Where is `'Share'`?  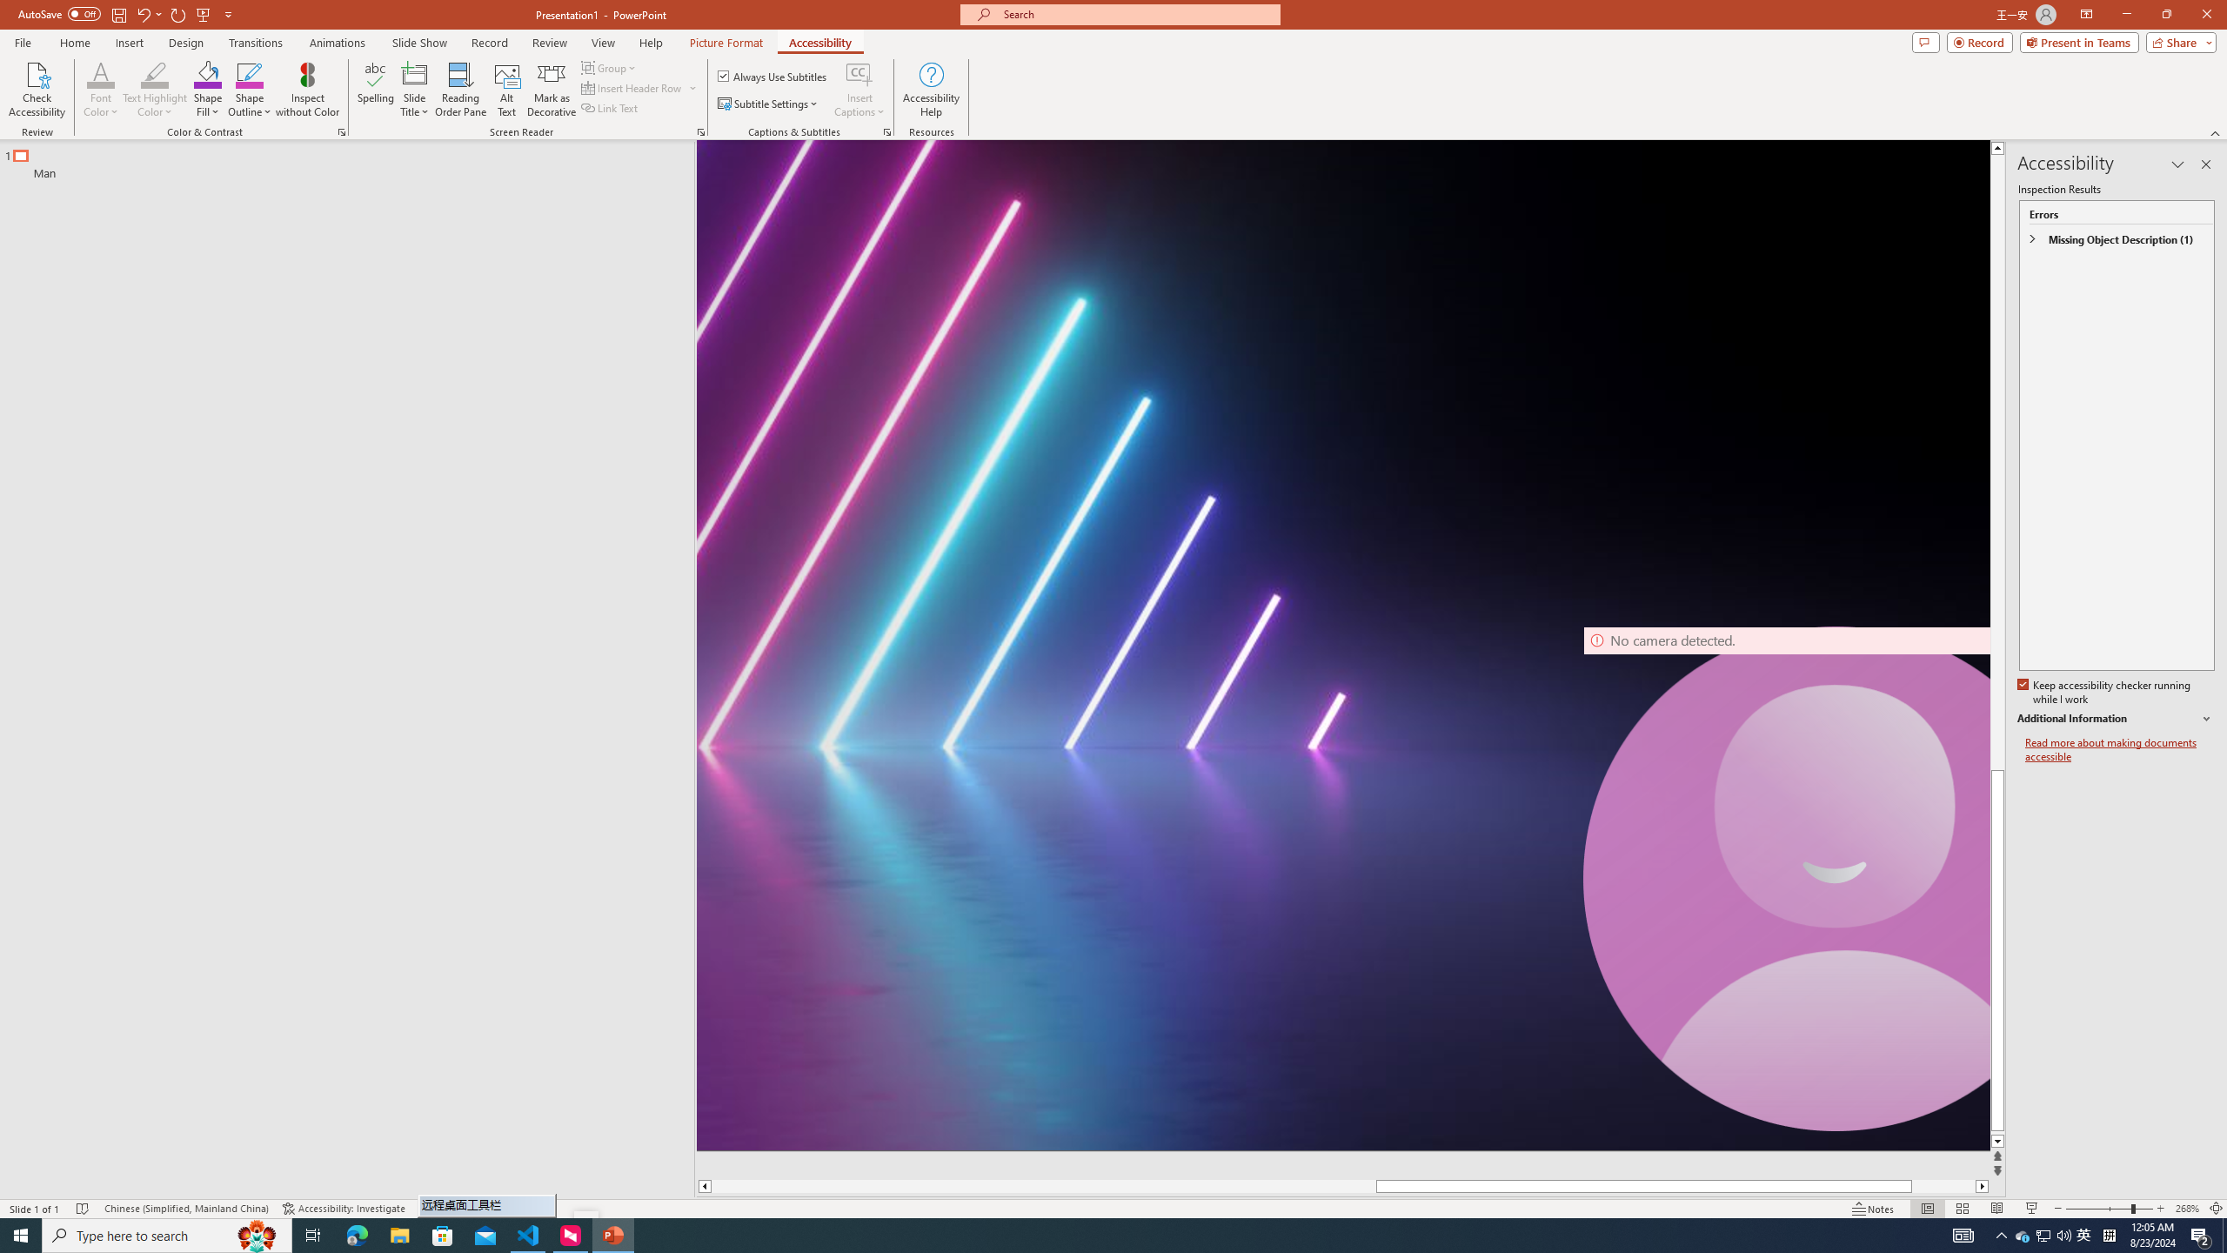
'Share' is located at coordinates (2177, 41).